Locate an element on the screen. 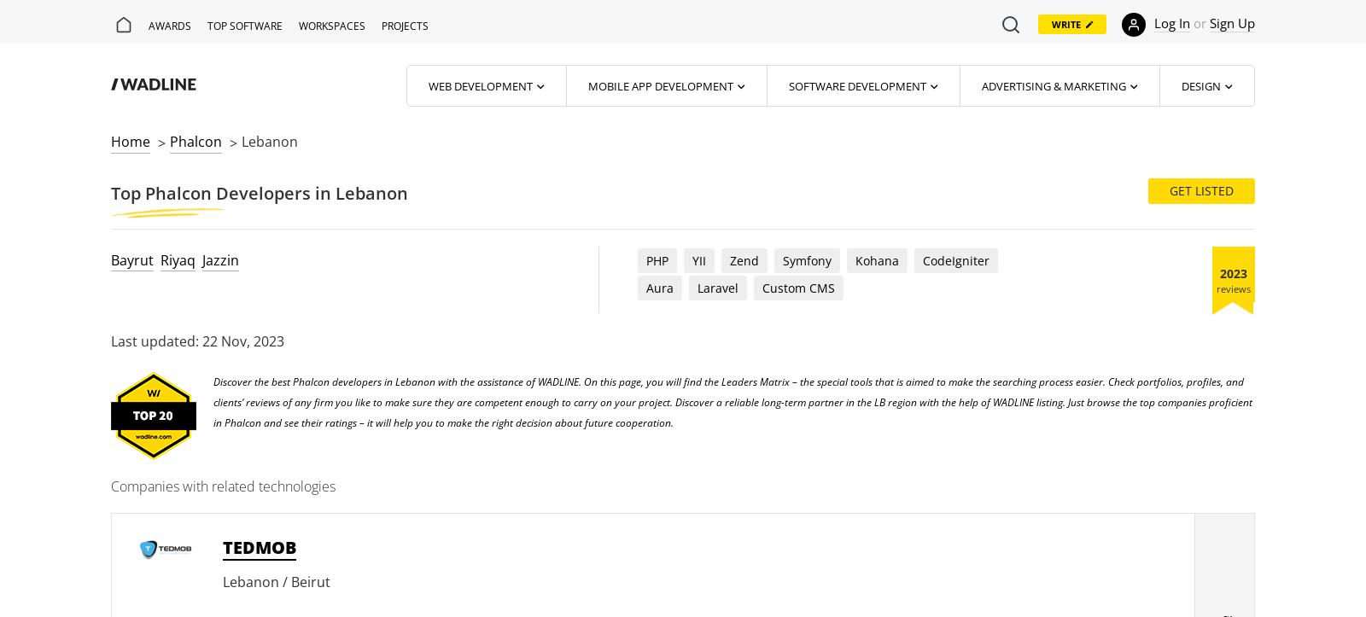 This screenshot has height=617, width=1366. 'CodeIgniter' is located at coordinates (956, 259).